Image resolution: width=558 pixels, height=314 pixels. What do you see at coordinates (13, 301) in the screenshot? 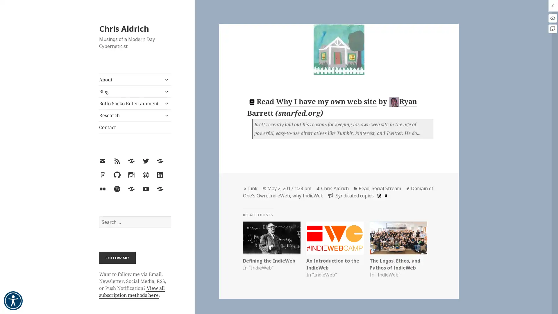
I see `Accessibility Menu` at bounding box center [13, 301].